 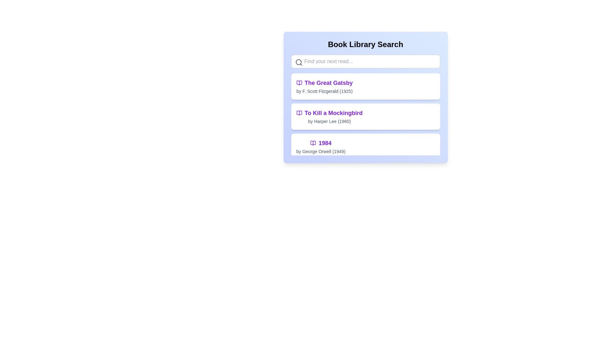 I want to click on text element titled 'The Great Gatsby' with an accompanying open book icon, located in the central area of the top card in the blue panel, so click(x=324, y=86).